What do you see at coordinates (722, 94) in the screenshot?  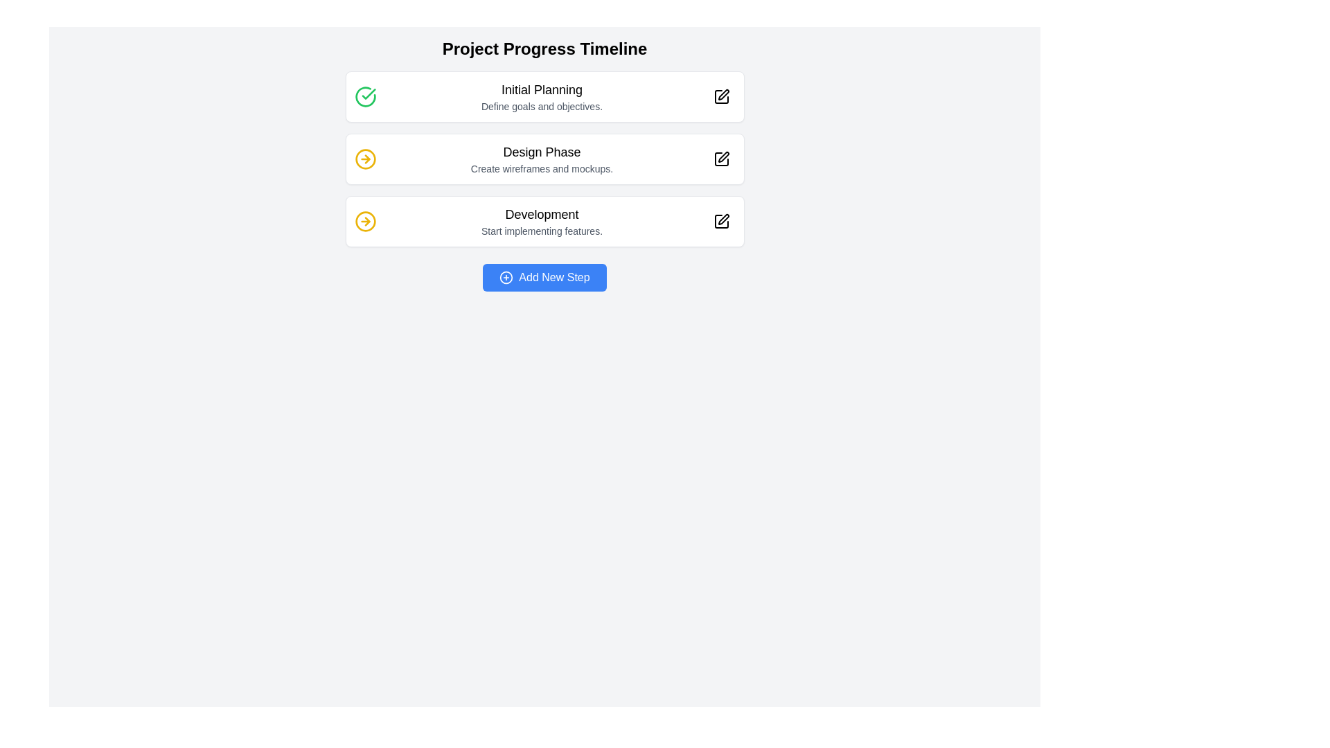 I see `the editing icon located in the upper-right corner of the 'Initial Planning' card to initiate editing` at bounding box center [722, 94].